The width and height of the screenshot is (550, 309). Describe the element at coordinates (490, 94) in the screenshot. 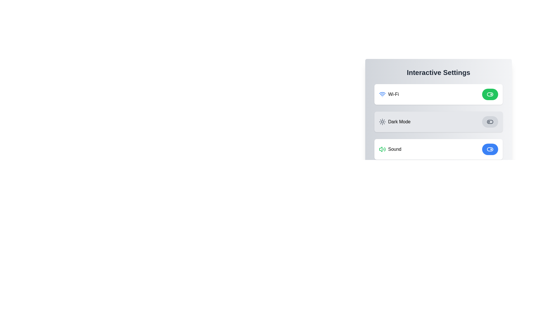

I see `the toggle switch control for the Wi-Fi option to change its state between enabled and disabled` at that location.